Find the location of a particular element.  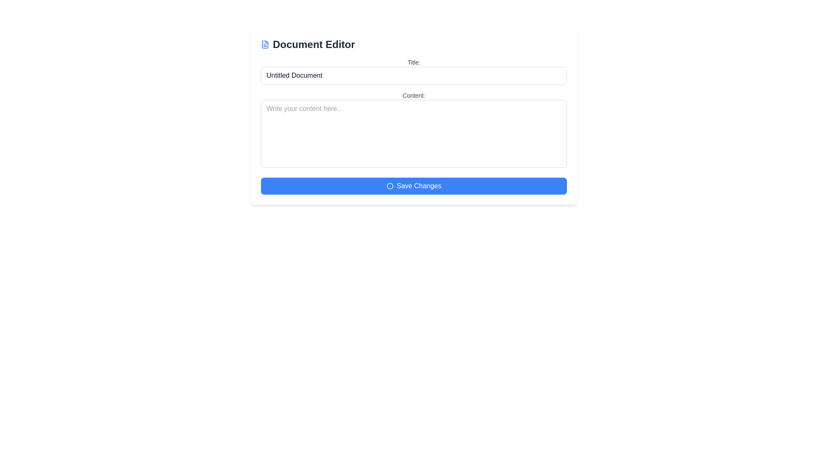

the save button located at the bottom of the form to initiate the save action is located at coordinates (414, 186).